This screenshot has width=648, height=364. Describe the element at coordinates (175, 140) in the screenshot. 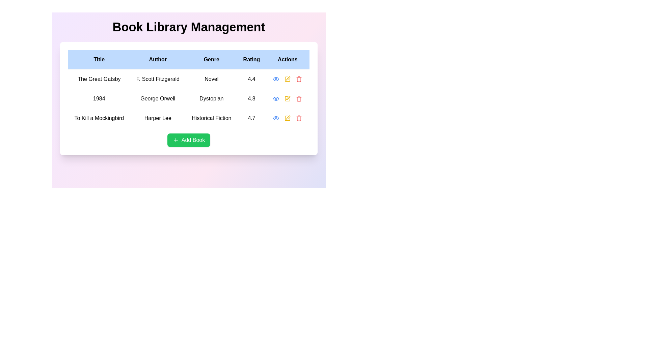

I see `the plus sign icon within the 'Add Book' button for accessibility tools` at that location.